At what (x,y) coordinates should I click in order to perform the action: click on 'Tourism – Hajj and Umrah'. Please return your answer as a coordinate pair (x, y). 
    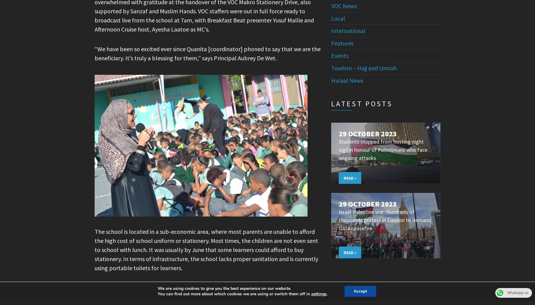
    Looking at the image, I should click on (364, 68).